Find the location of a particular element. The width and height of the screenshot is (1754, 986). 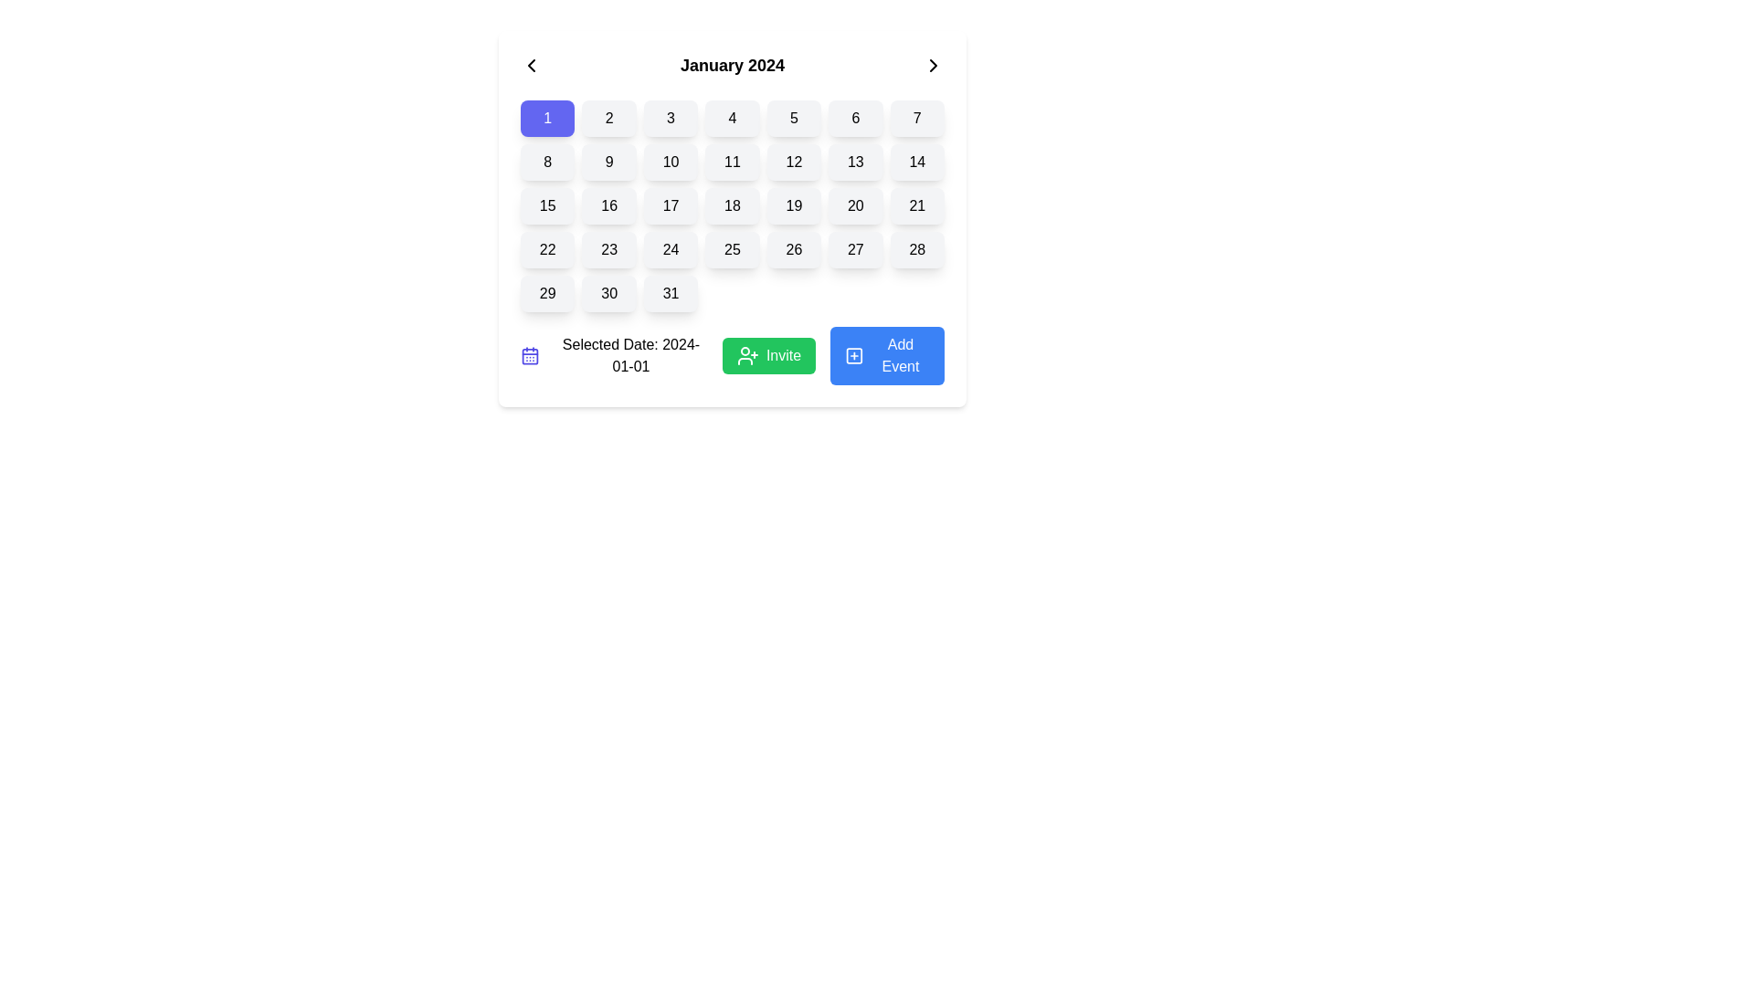

the day selection button representing the 31st day of the month in the bottom-right corner of the calendar grid is located at coordinates (670, 292).